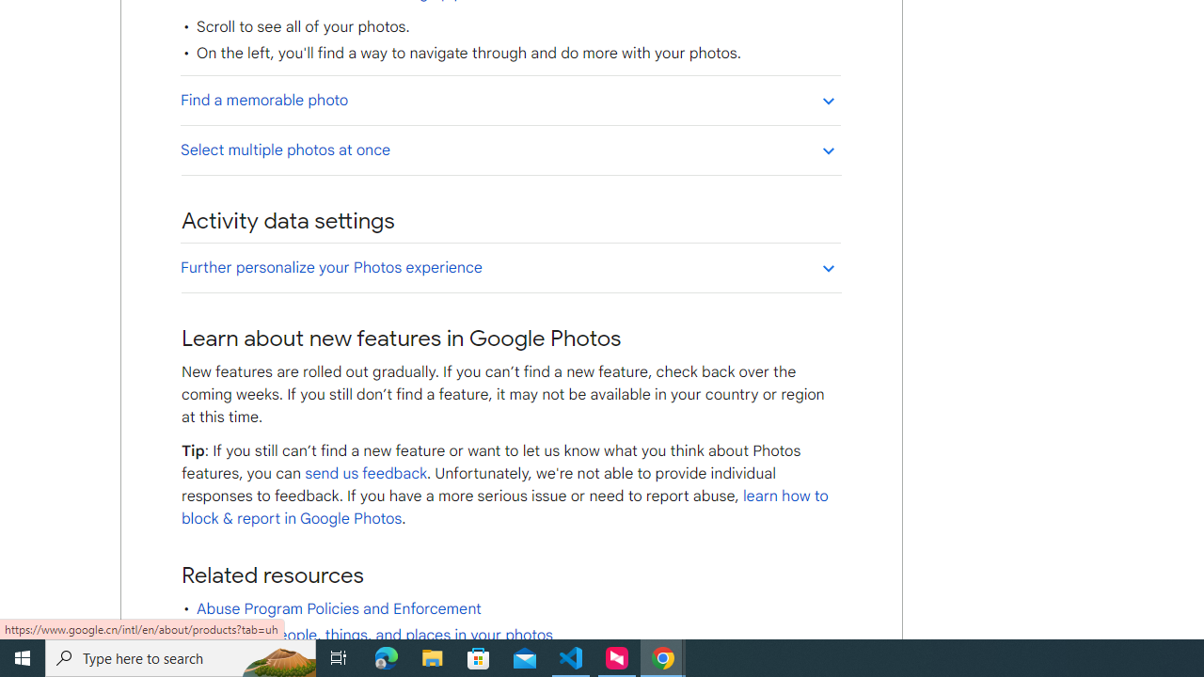  I want to click on 'Abuse Program Policies and Enforcement', so click(339, 609).